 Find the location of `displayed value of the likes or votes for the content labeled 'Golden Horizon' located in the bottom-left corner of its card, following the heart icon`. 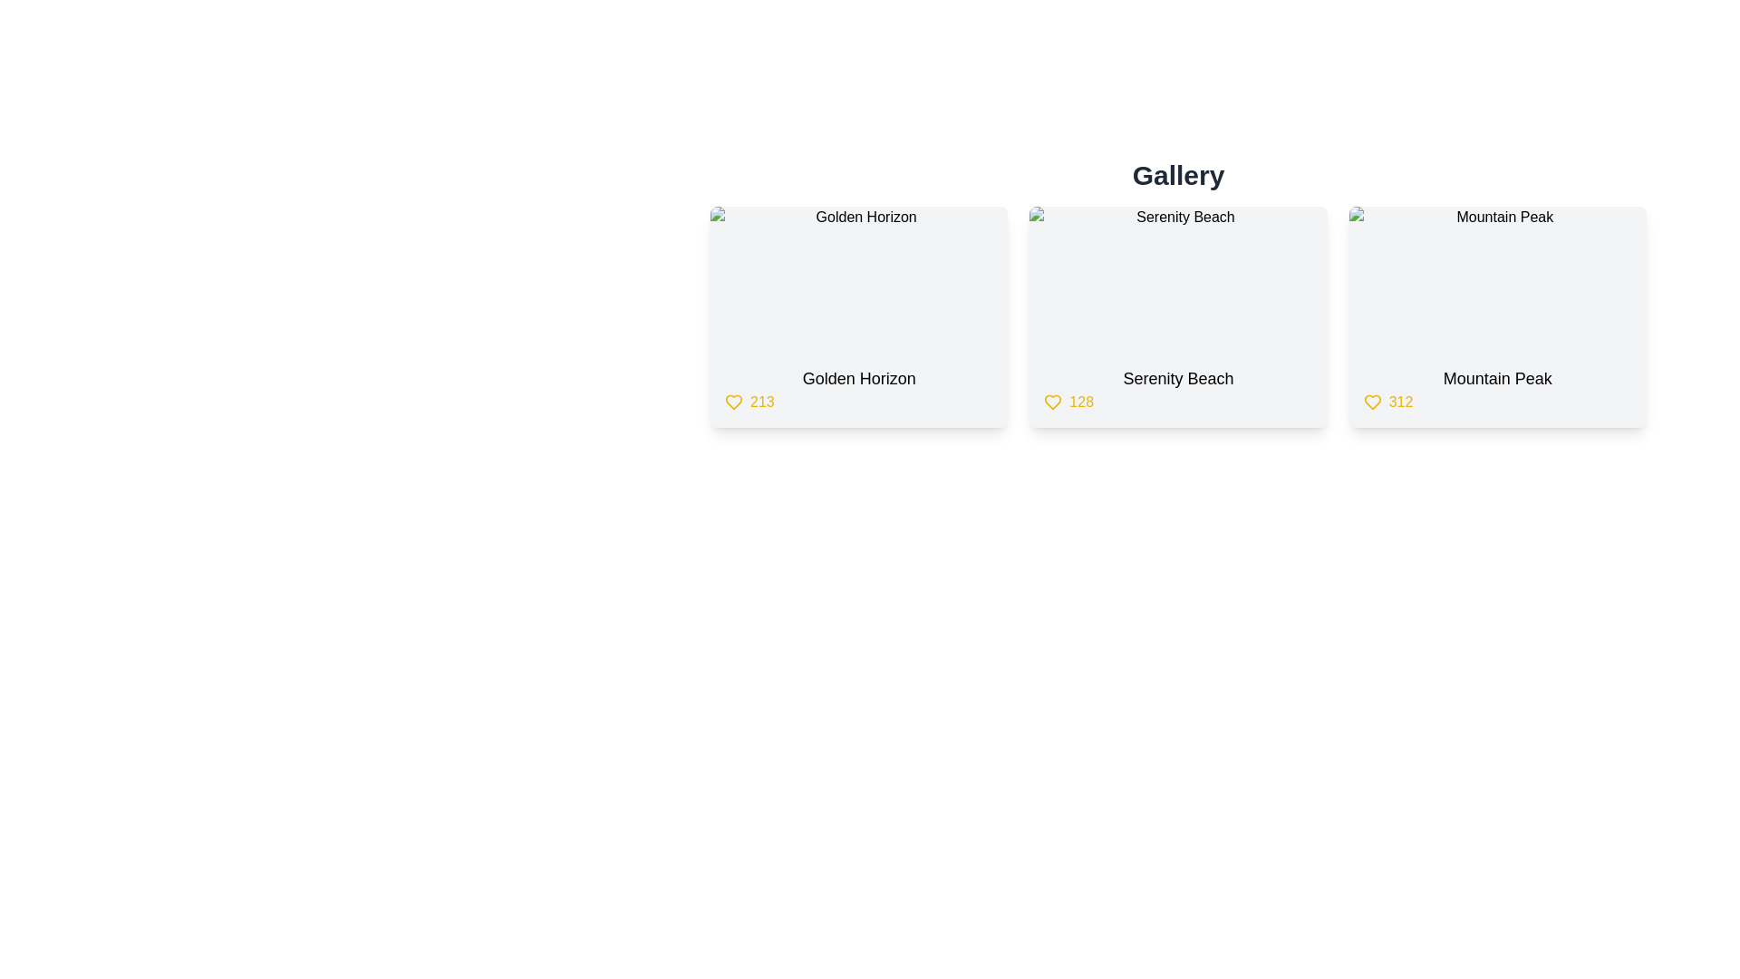

displayed value of the likes or votes for the content labeled 'Golden Horizon' located in the bottom-left corner of its card, following the heart icon is located at coordinates (762, 401).